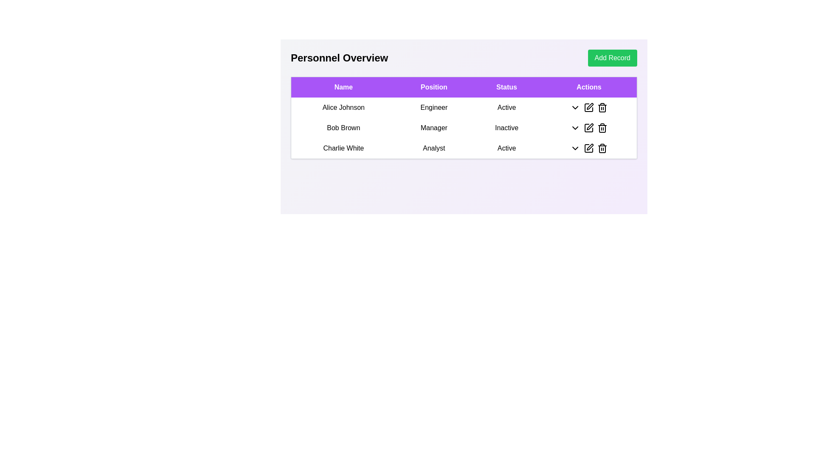  I want to click on the table cell containing the text 'Analyst', which is the second cell in the third row of the table under the 'Position' column associated with 'Charlie White', so click(434, 148).